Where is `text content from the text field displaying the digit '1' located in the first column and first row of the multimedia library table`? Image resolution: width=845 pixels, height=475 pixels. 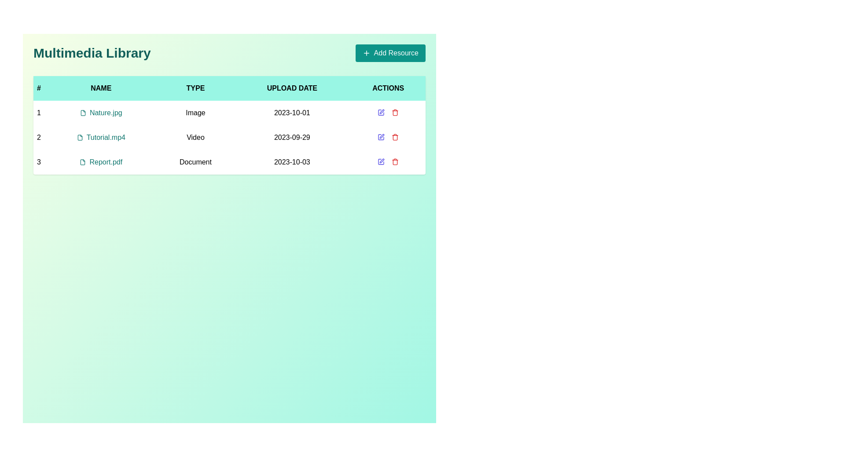 text content from the text field displaying the digit '1' located in the first column and first row of the multimedia library table is located at coordinates (38, 113).